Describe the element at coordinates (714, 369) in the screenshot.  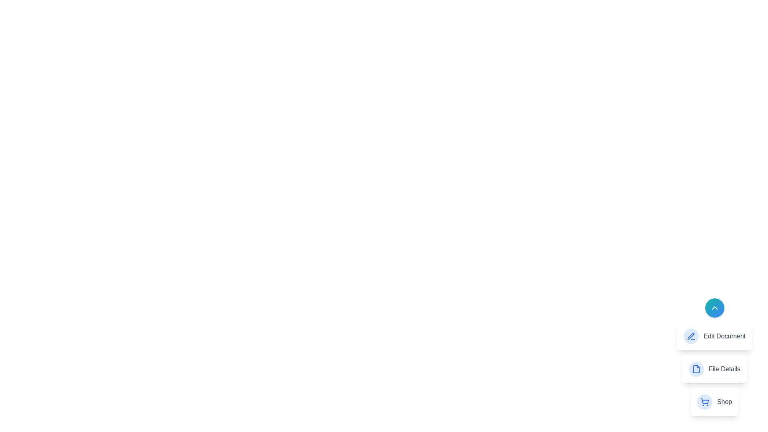
I see `the File Details in the speed dial menu` at that location.